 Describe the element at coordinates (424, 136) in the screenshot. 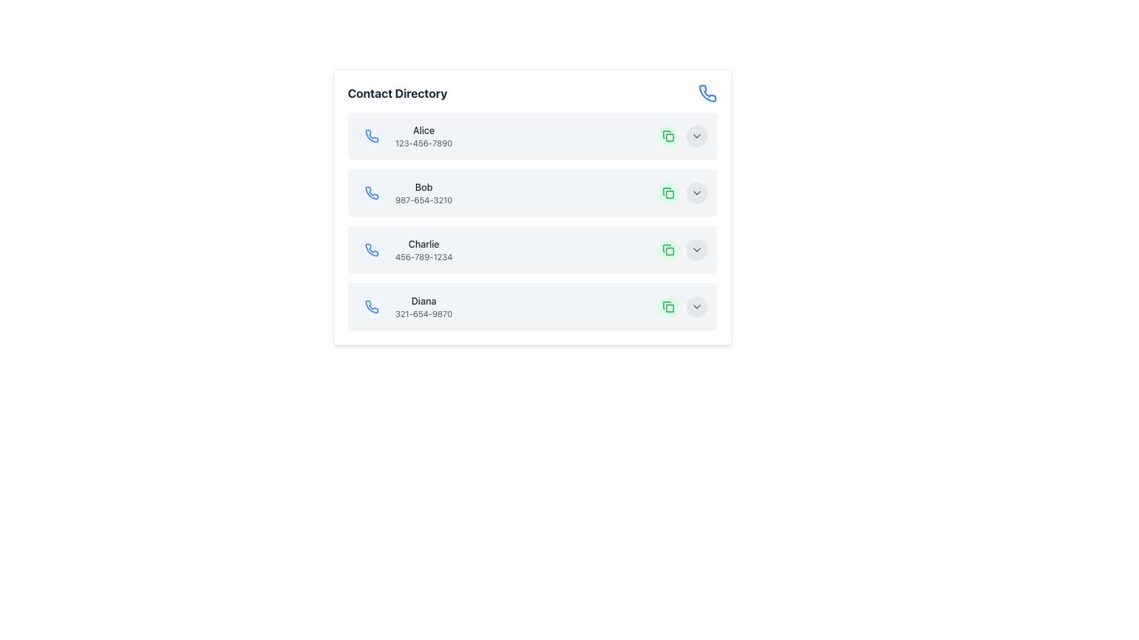

I see `the text display element showing the label 'Alice' and the phone number '123-456-7890', located at the right side of the topmost entry in a contact list` at that location.